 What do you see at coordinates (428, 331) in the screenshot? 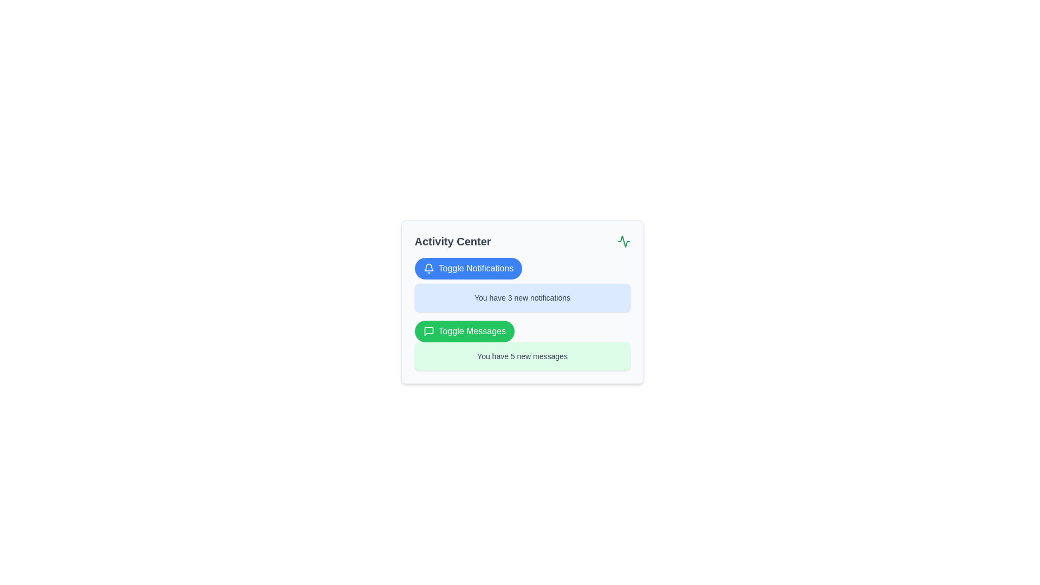
I see `the speech bubble icon inside the green 'Toggle Messages' button, which indicates communication or messaging` at bounding box center [428, 331].